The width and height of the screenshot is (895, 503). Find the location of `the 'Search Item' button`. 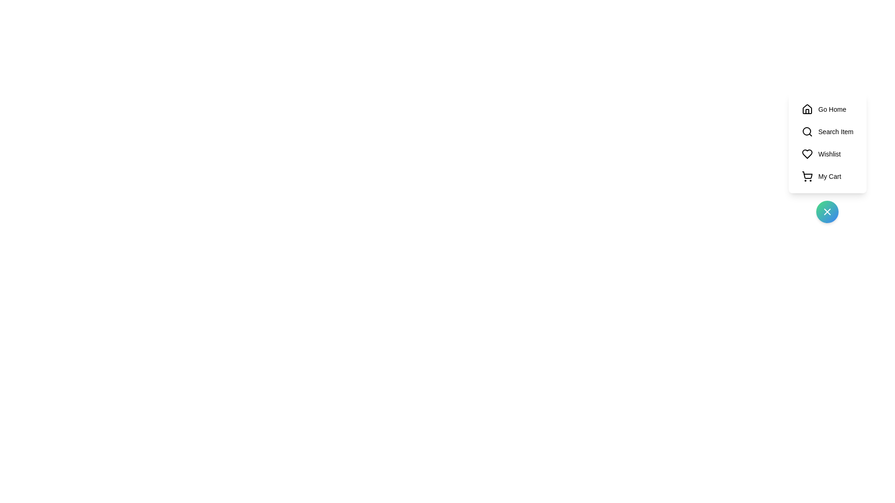

the 'Search Item' button is located at coordinates (827, 131).